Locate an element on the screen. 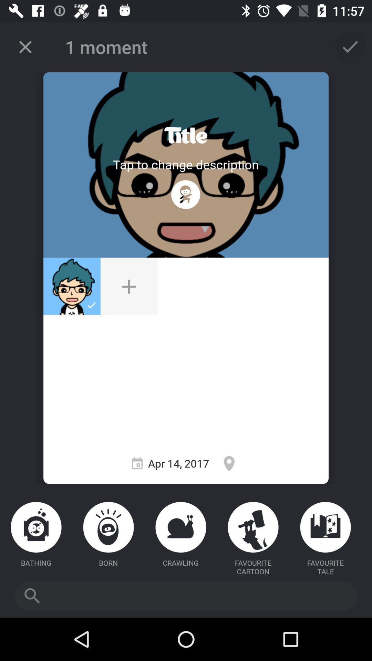  the item to the left of 1 moment item is located at coordinates (25, 46).